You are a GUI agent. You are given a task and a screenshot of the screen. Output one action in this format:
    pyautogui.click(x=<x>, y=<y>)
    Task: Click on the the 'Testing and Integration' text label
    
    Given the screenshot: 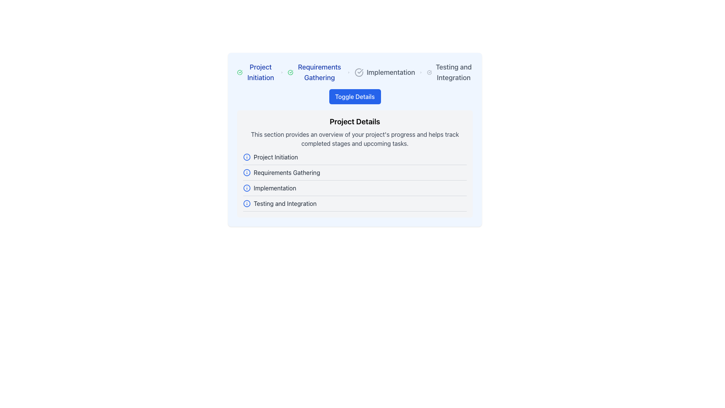 What is the action you would take?
    pyautogui.click(x=285, y=203)
    